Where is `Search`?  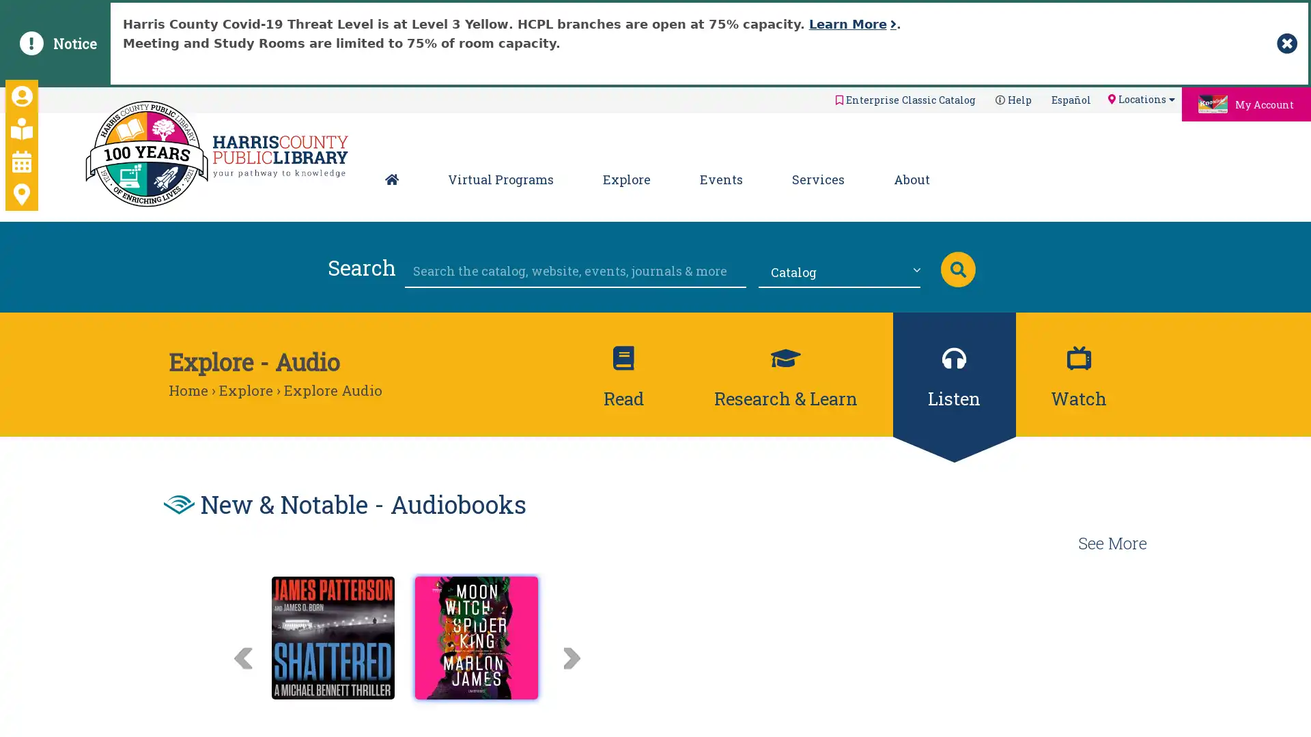 Search is located at coordinates (957, 268).